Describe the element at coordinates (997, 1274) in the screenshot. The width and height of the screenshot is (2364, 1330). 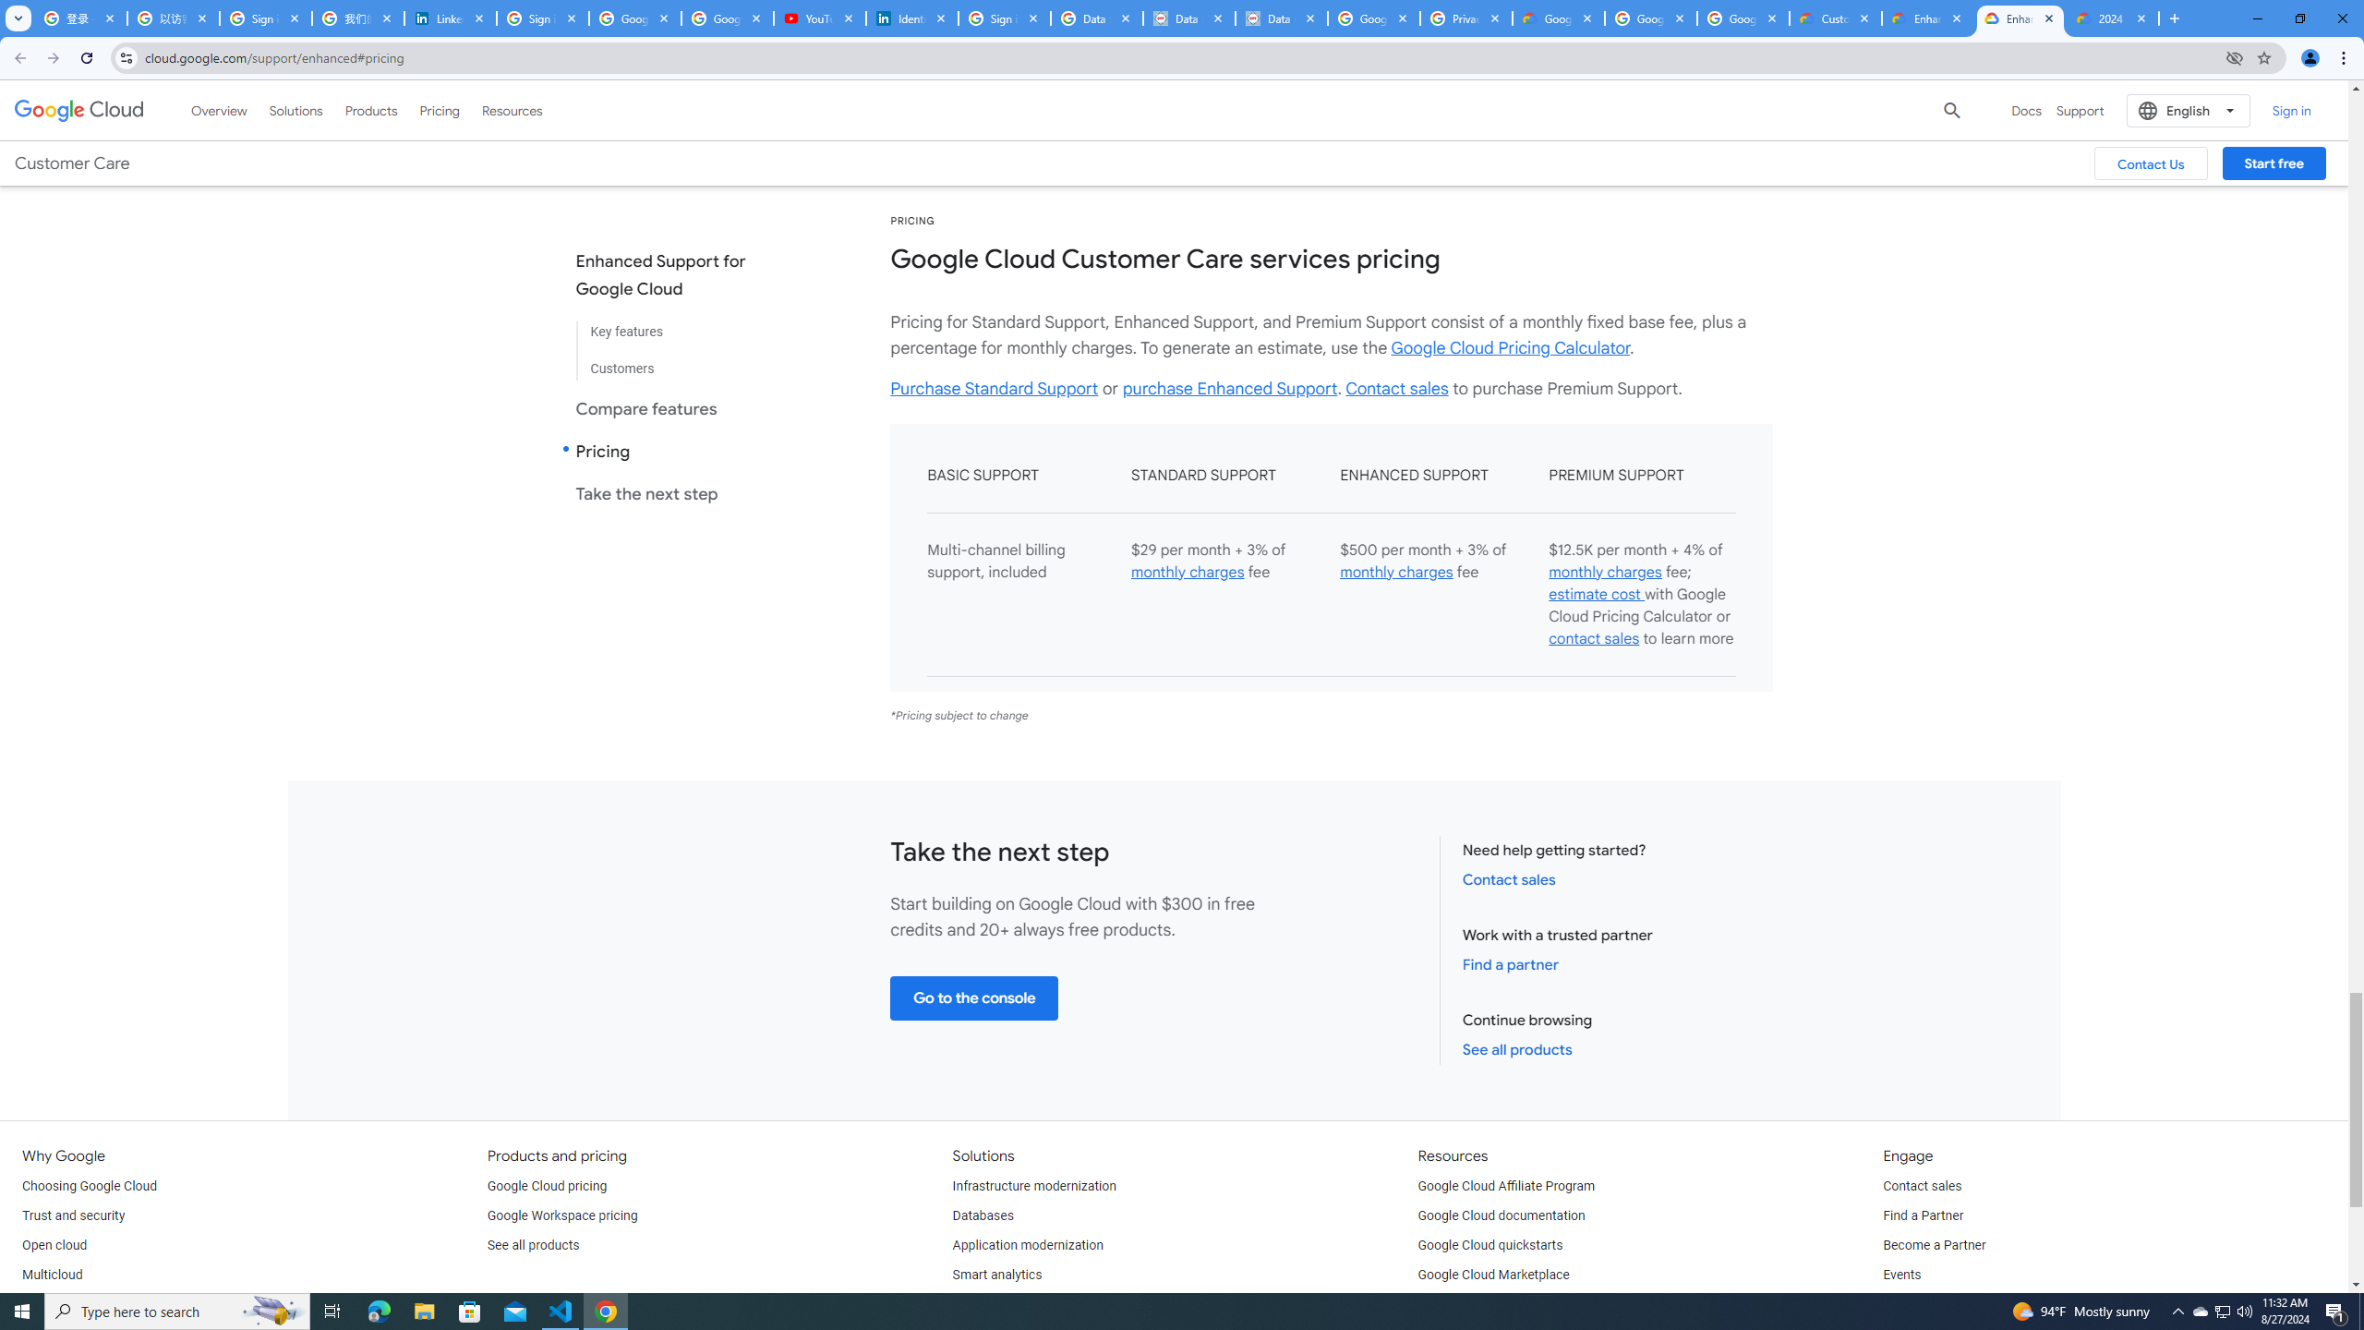
I see `'Smart analytics'` at that location.